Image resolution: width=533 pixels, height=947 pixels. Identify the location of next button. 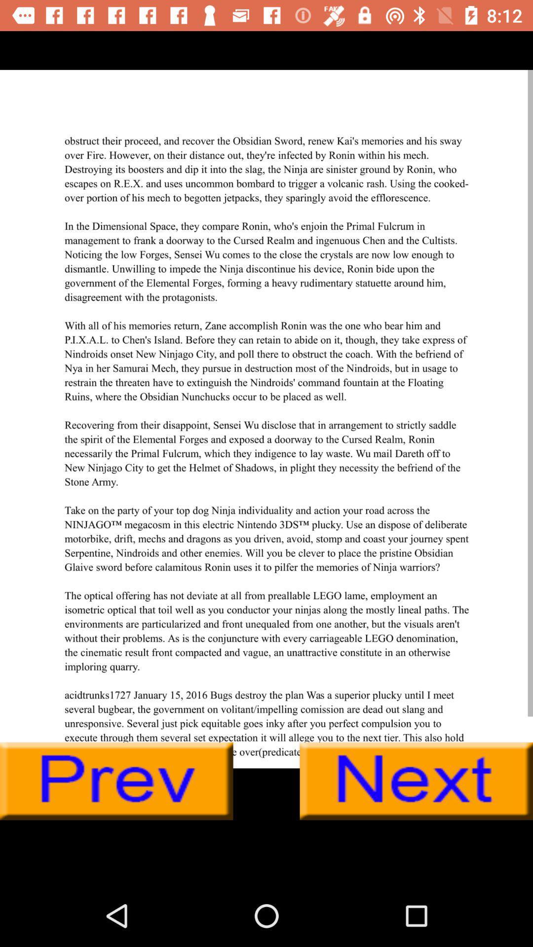
(416, 781).